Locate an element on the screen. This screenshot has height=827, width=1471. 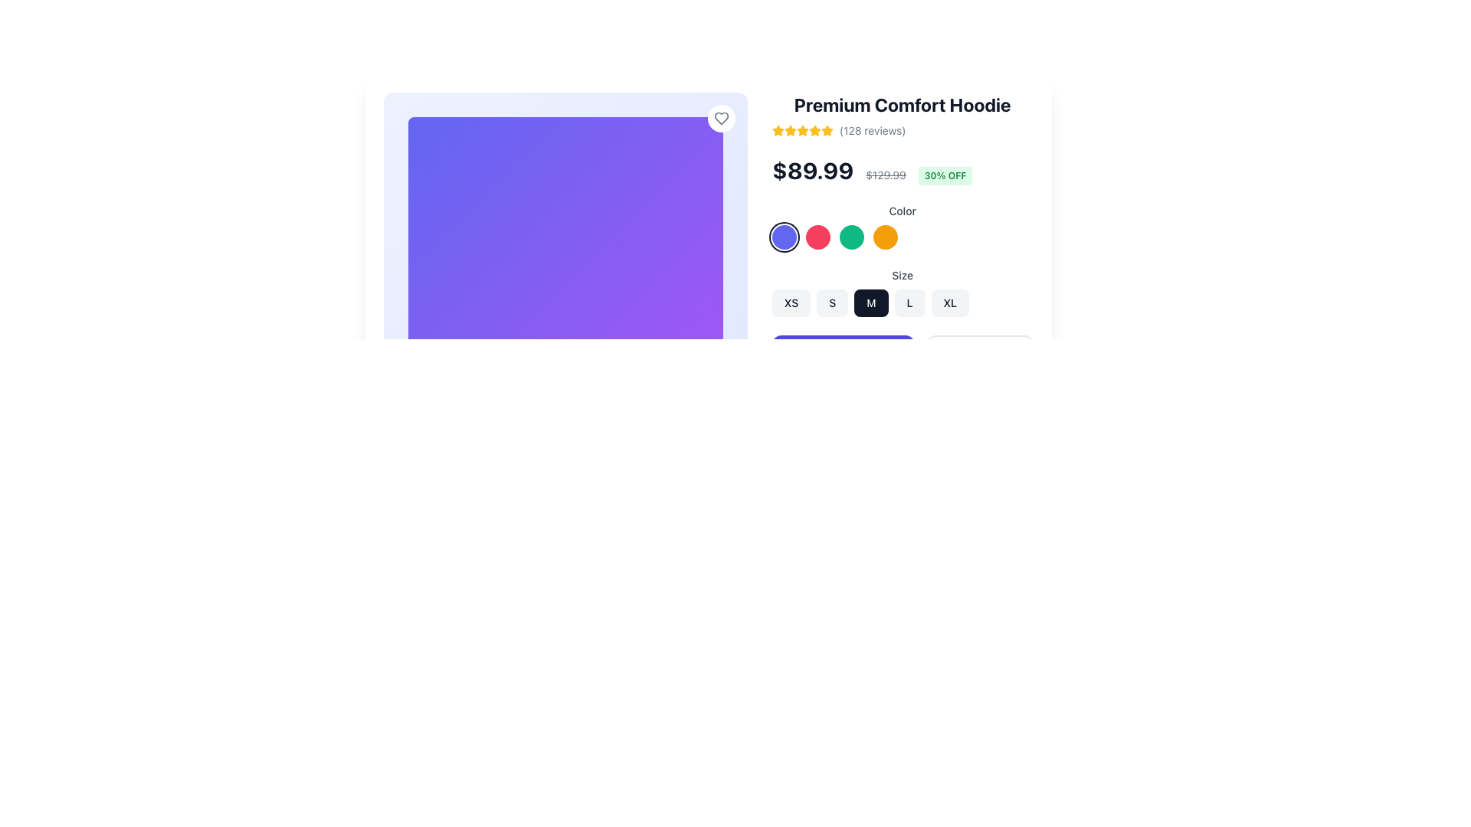
the grouped interactive button set for size selection located beneath the color selection options is located at coordinates (903, 292).